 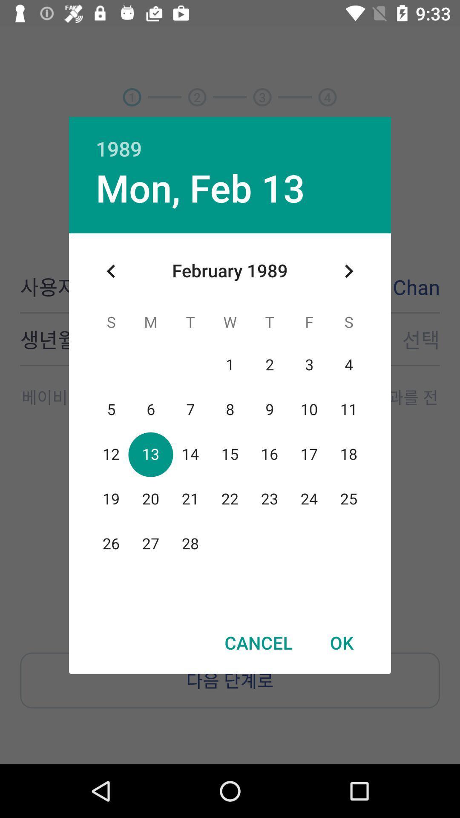 I want to click on the mon, feb 13 icon, so click(x=200, y=187).